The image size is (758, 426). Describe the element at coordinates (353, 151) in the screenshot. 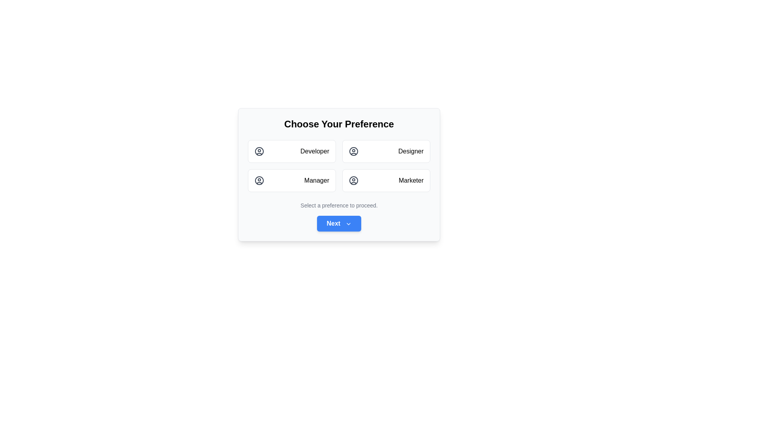

I see `the circular user silhouette icon in the 'Designer' button` at that location.